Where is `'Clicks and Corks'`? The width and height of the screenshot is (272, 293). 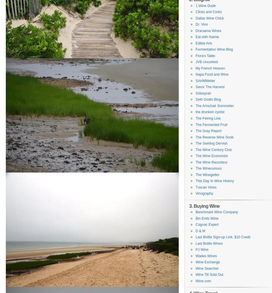 'Clicks and Corks' is located at coordinates (195, 12).